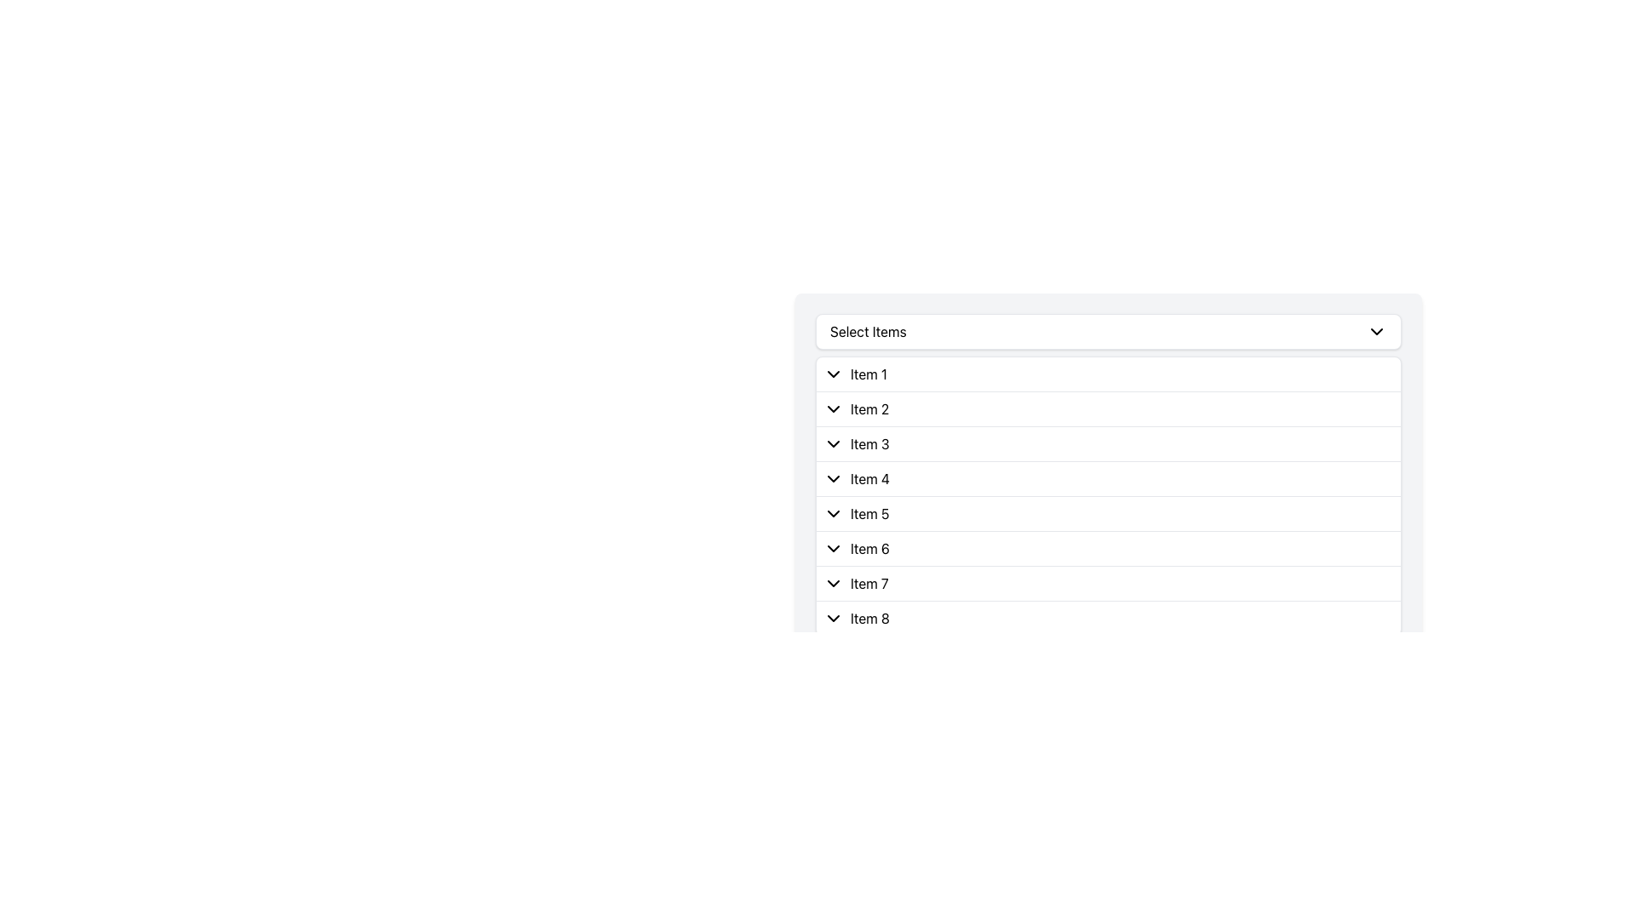  Describe the element at coordinates (834, 583) in the screenshot. I see `the downward-pointing chevron icon located to the left of the text 'Item 7' for a visual effect or tooltip` at that location.